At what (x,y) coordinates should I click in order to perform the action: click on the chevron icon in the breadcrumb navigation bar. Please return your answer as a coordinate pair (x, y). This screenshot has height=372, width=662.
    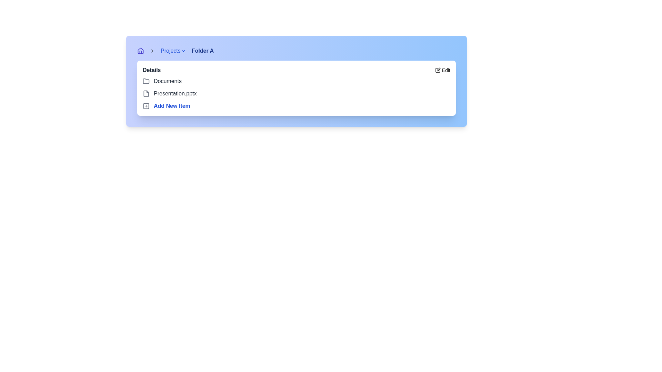
    Looking at the image, I should click on (152, 50).